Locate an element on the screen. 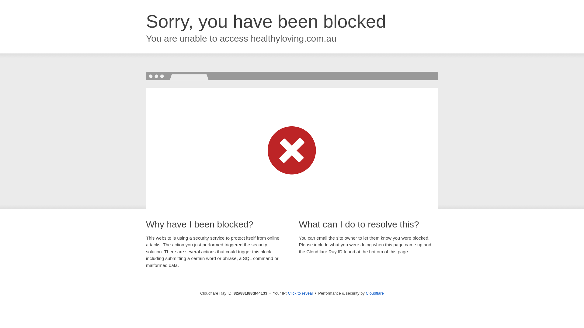 This screenshot has height=328, width=584. 'Cloudflare' is located at coordinates (374, 293).